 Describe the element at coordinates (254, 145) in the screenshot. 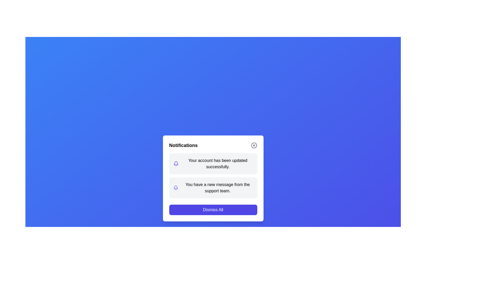

I see `the close button icon` at that location.